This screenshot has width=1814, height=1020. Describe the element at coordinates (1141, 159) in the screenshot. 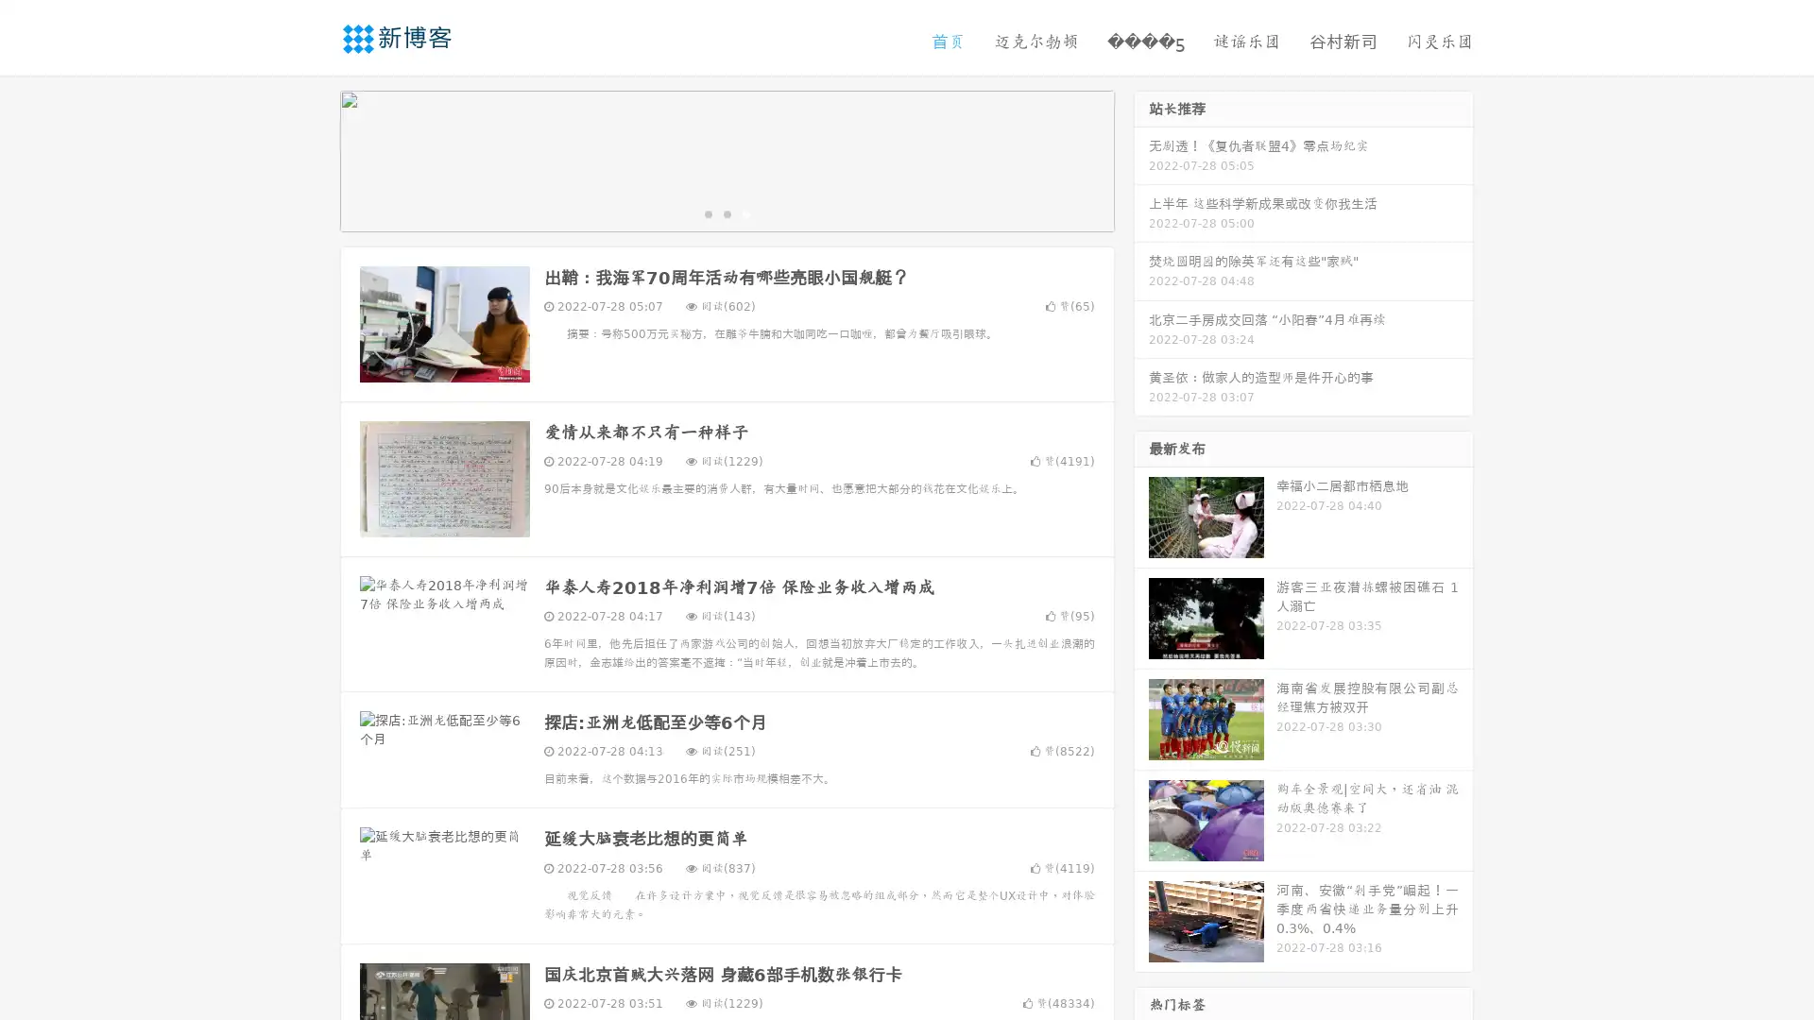

I see `Next slide` at that location.